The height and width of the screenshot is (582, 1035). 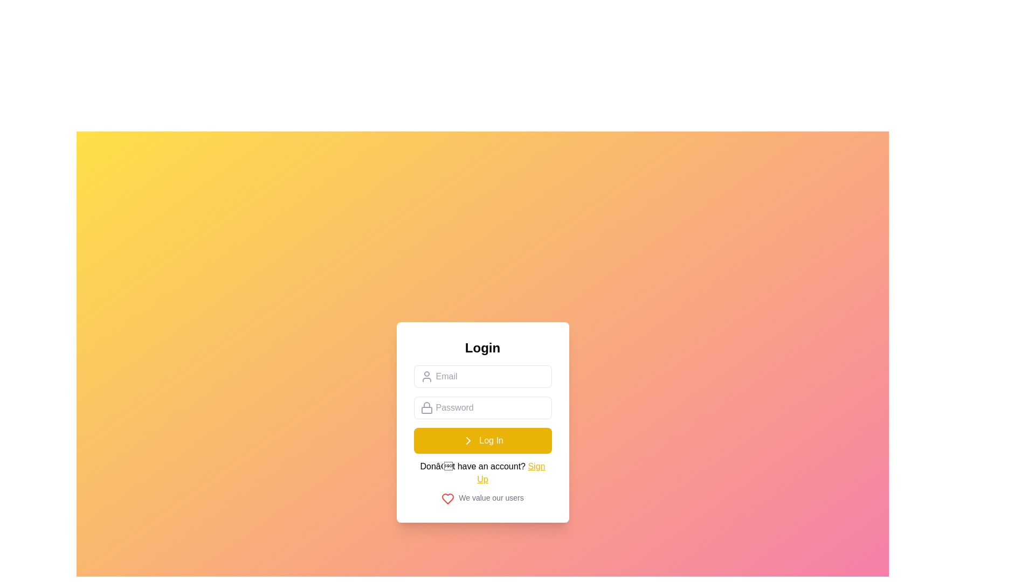 I want to click on the red outlined heart-shaped vector graphic icon located below the 'We value our users' text in the login card interface, so click(x=448, y=498).